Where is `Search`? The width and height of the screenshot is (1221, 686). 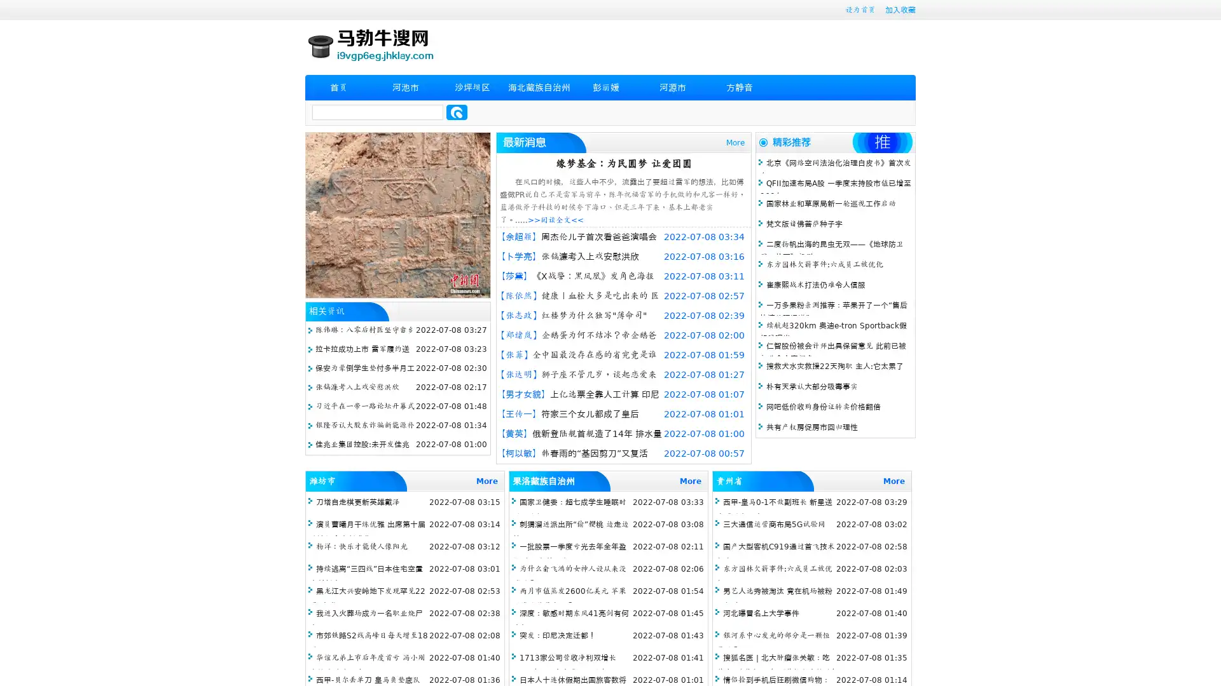
Search is located at coordinates (457, 112).